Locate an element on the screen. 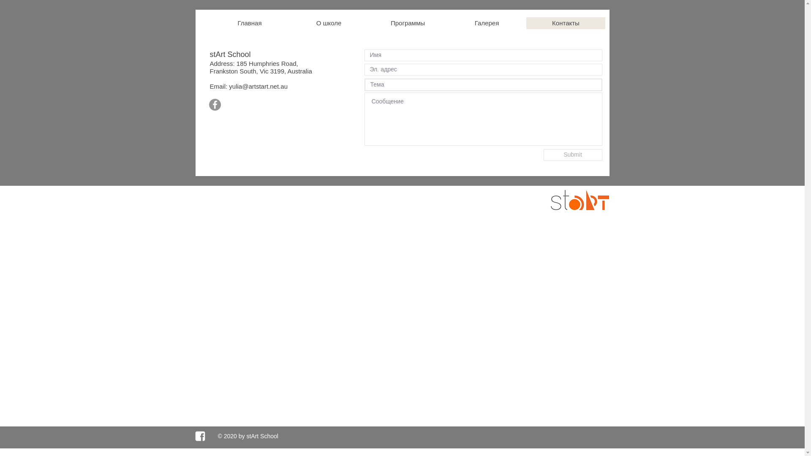 This screenshot has width=811, height=456. 'Submit' is located at coordinates (572, 155).